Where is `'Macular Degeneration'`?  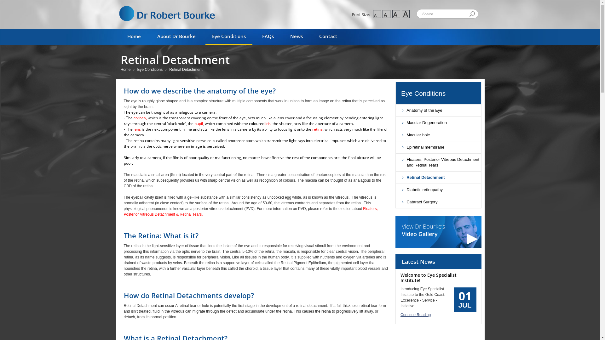
'Macular Degeneration' is located at coordinates (438, 122).